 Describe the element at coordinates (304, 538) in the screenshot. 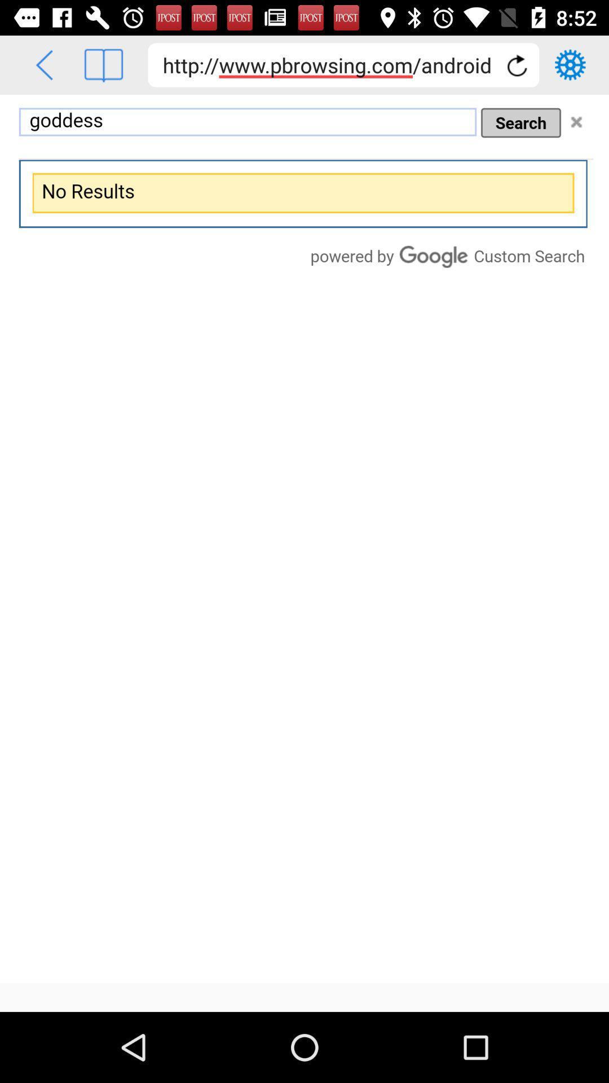

I see `browse search` at that location.